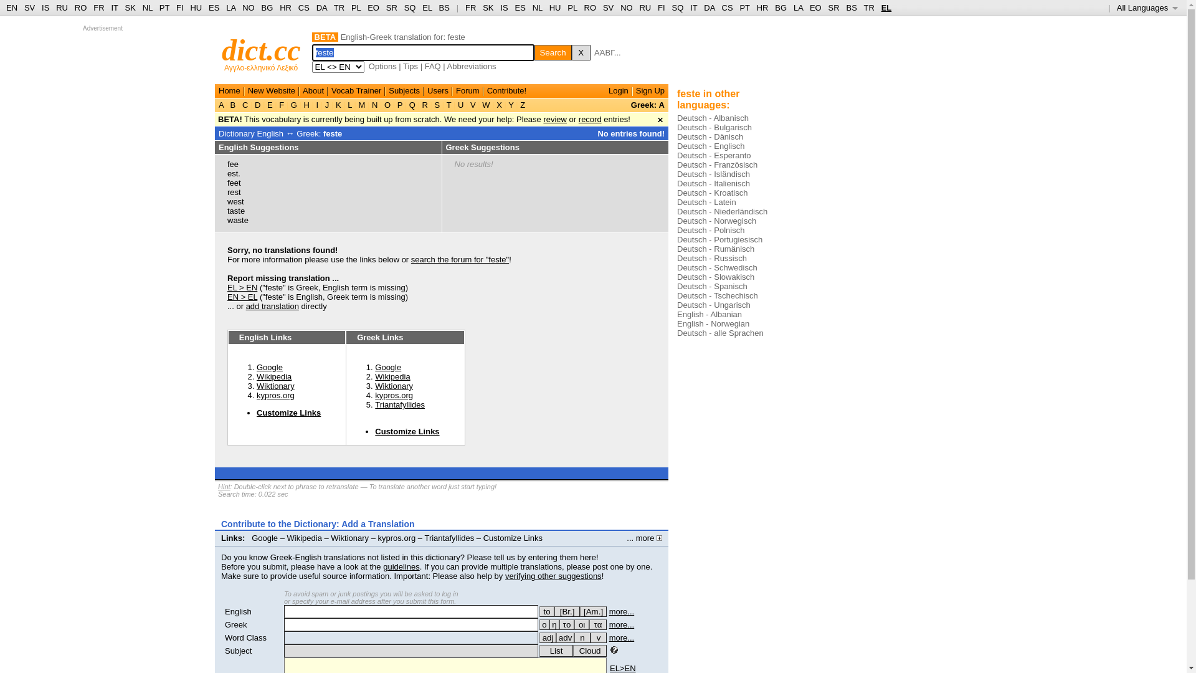 The height and width of the screenshot is (673, 1196). Describe the element at coordinates (714, 155) in the screenshot. I see `'Deutsch - Esperanto'` at that location.